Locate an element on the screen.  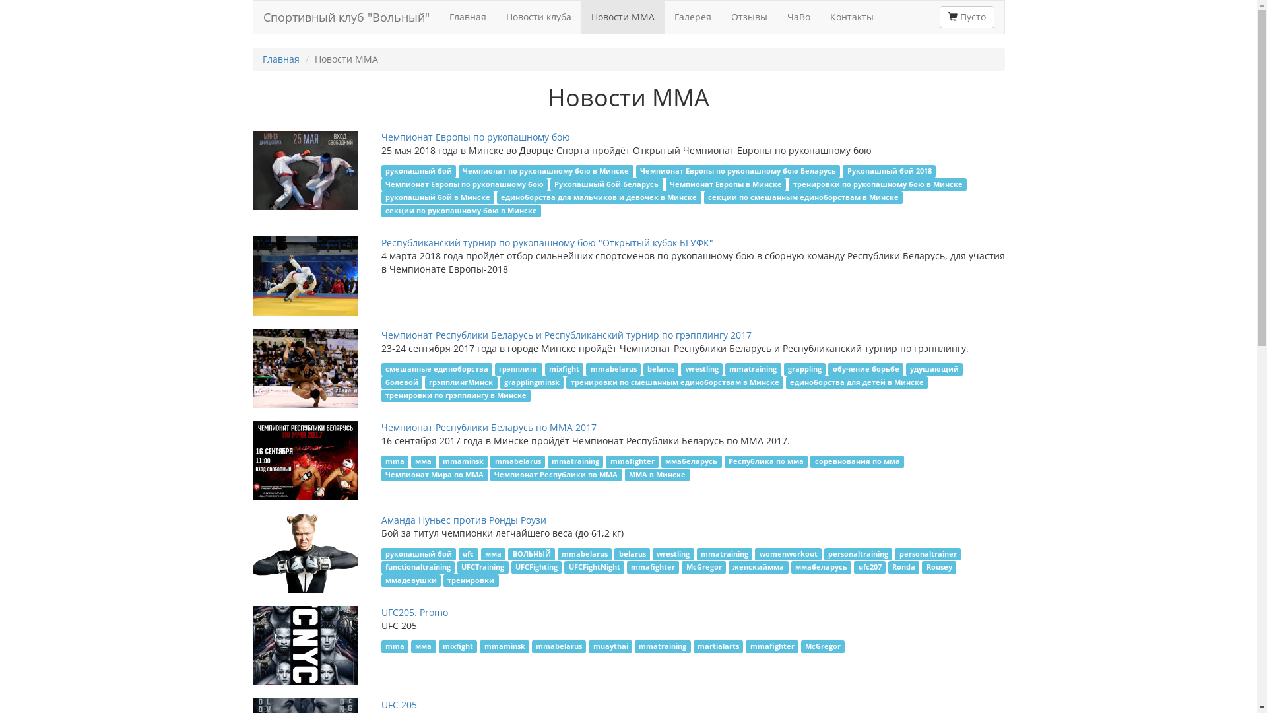
'UFCFightNight' is located at coordinates (564, 566).